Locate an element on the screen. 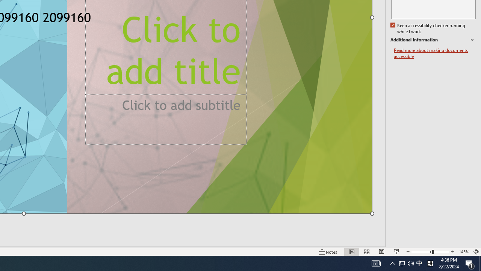 This screenshot has width=481, height=271. 'Additional Information' is located at coordinates (433, 40).